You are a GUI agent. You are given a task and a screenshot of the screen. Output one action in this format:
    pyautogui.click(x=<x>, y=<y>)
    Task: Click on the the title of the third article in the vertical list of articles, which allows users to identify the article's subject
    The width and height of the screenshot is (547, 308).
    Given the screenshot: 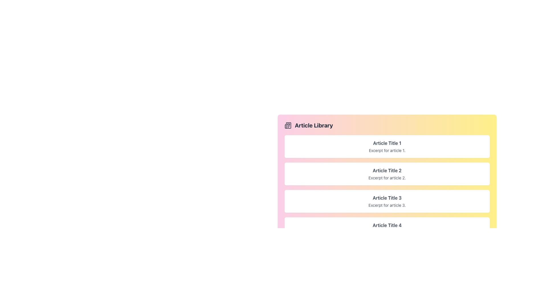 What is the action you would take?
    pyautogui.click(x=387, y=198)
    